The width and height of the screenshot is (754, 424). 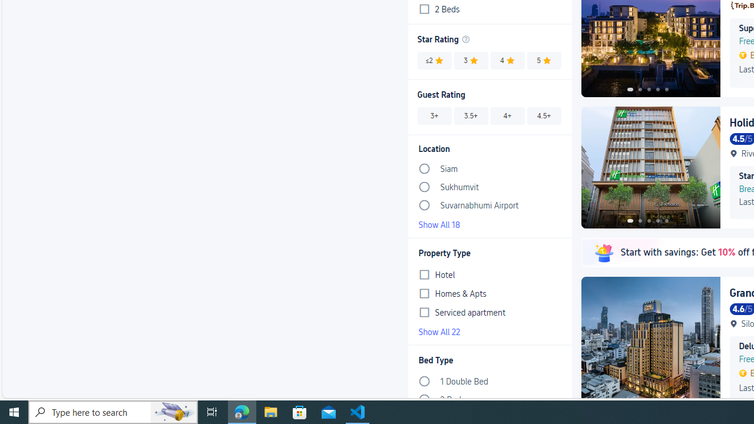 What do you see at coordinates (603, 251) in the screenshot?
I see `'Class: m-lazyImg__img'` at bounding box center [603, 251].